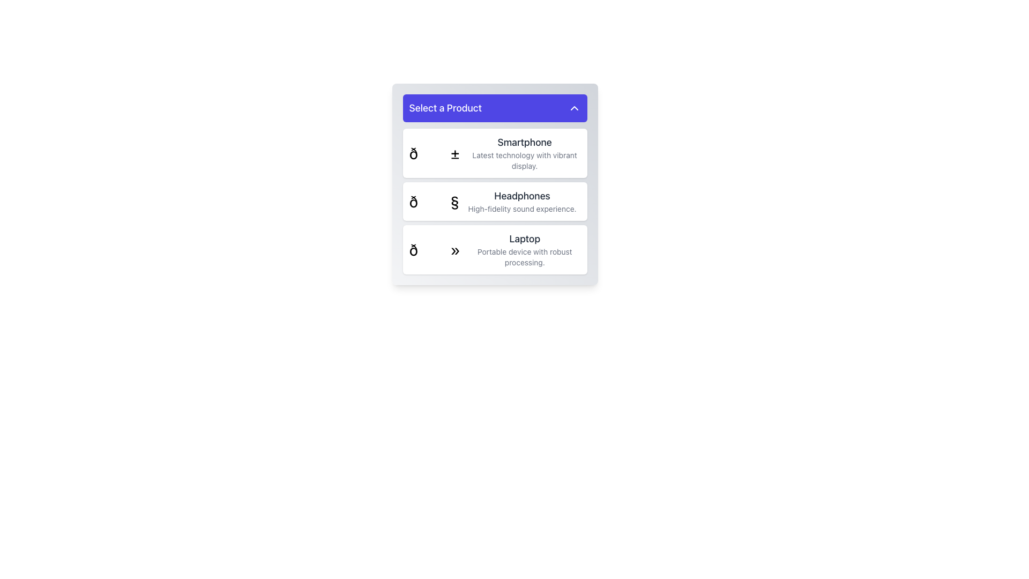 This screenshot has height=579, width=1029. Describe the element at coordinates (525, 239) in the screenshot. I see `text label indicating the title of the Laptop item in the product selection list, located at the center of the third item in a vertical list structure` at that location.